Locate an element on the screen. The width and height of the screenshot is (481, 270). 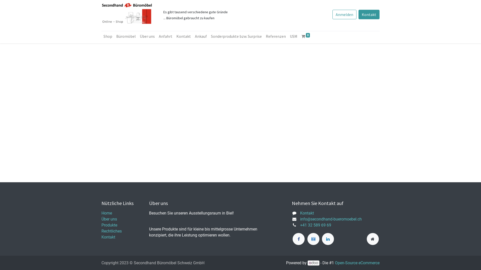
'USM' is located at coordinates (293, 36).